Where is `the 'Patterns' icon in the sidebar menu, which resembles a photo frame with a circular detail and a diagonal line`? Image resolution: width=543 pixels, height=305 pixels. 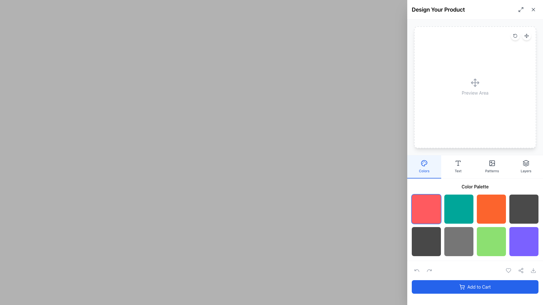
the 'Patterns' icon in the sidebar menu, which resembles a photo frame with a circular detail and a diagonal line is located at coordinates (492, 163).